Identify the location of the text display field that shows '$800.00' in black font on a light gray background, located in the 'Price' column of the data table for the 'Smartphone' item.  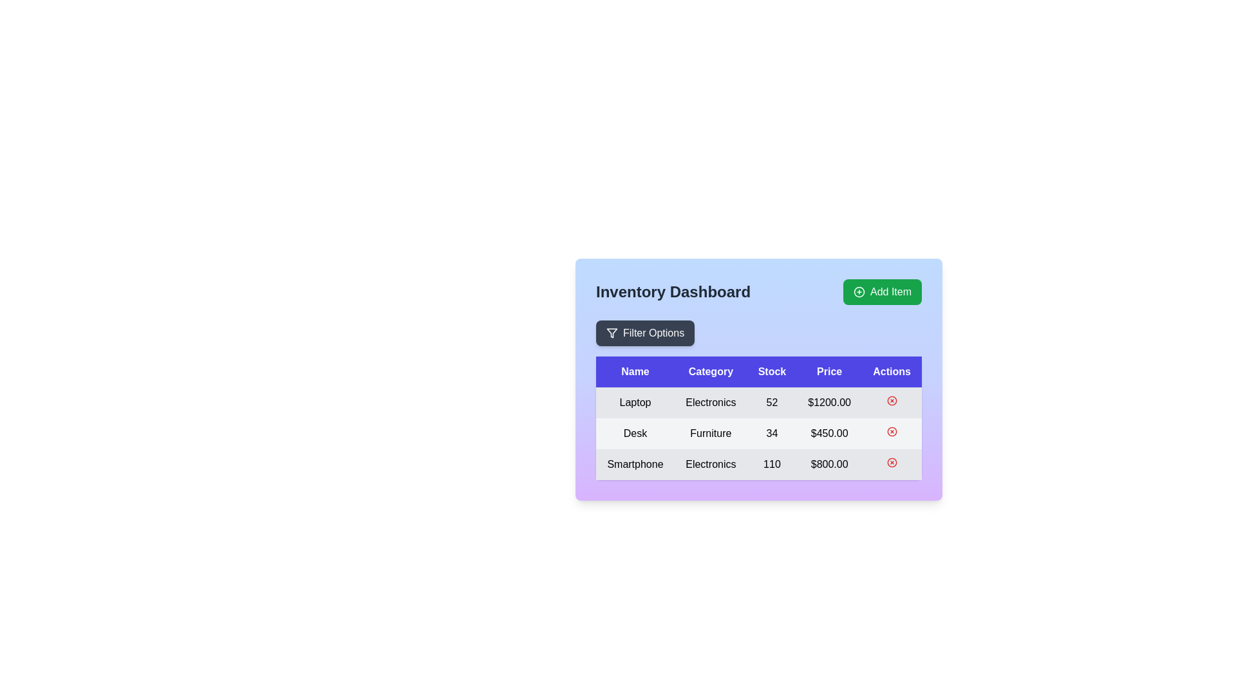
(829, 464).